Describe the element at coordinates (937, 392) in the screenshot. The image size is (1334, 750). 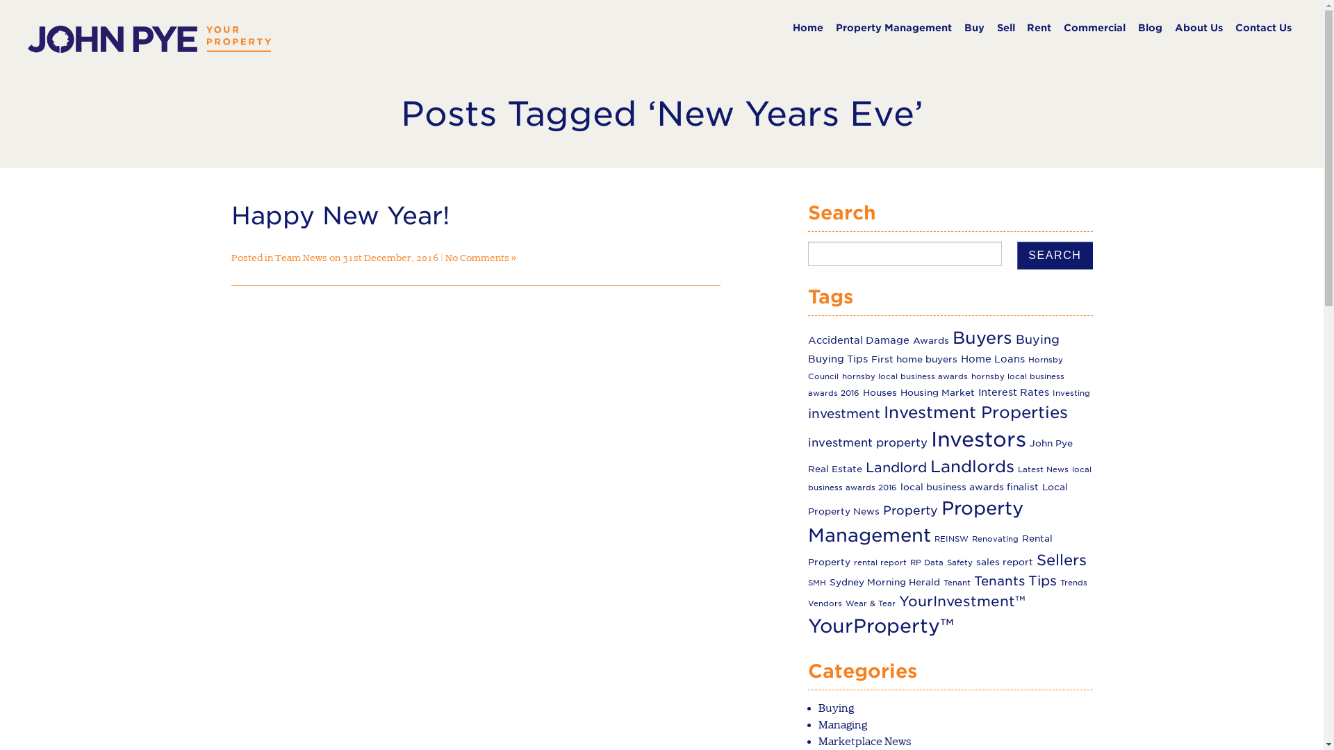
I see `'Housing Market'` at that location.